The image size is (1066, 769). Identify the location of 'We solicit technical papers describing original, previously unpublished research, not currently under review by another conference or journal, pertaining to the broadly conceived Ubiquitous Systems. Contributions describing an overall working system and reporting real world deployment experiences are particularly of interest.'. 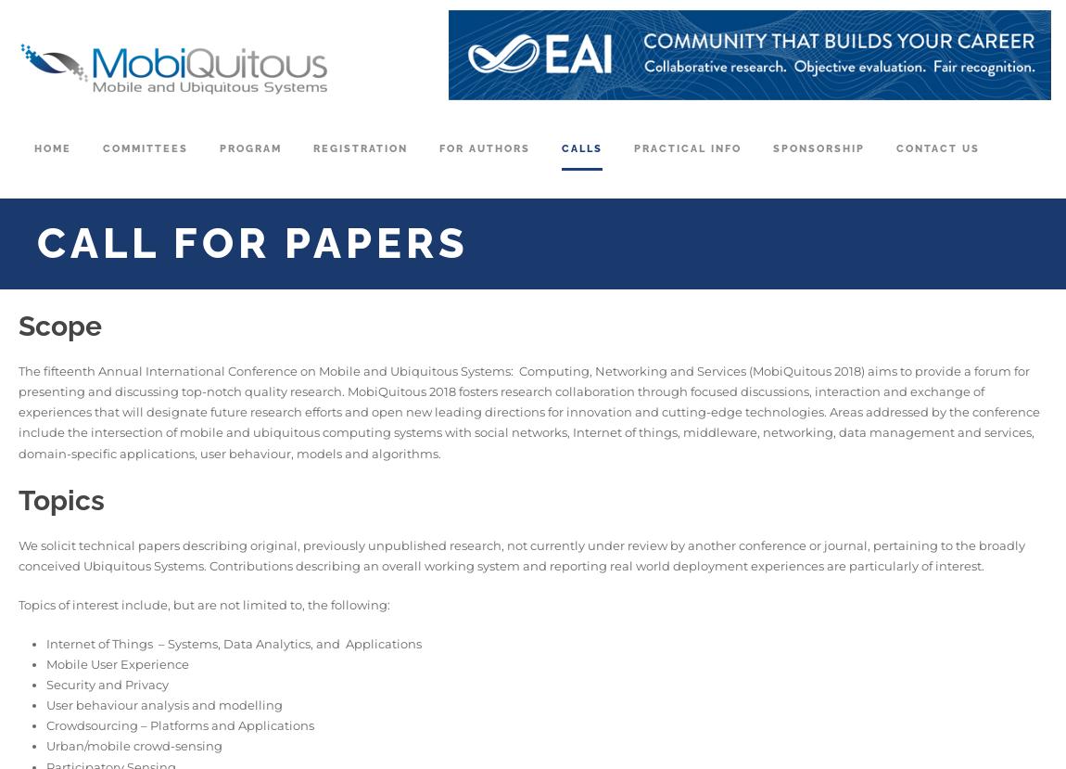
(18, 554).